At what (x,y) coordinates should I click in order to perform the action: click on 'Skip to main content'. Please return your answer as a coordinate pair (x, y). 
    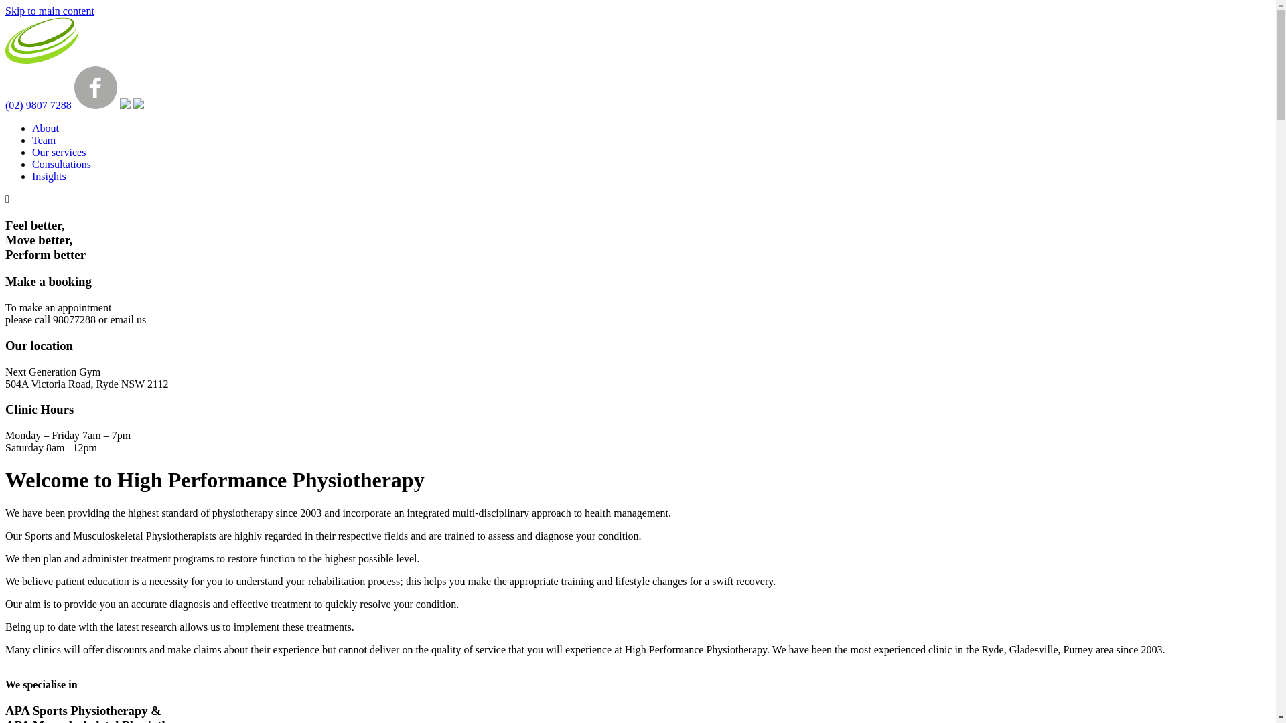
    Looking at the image, I should click on (50, 11).